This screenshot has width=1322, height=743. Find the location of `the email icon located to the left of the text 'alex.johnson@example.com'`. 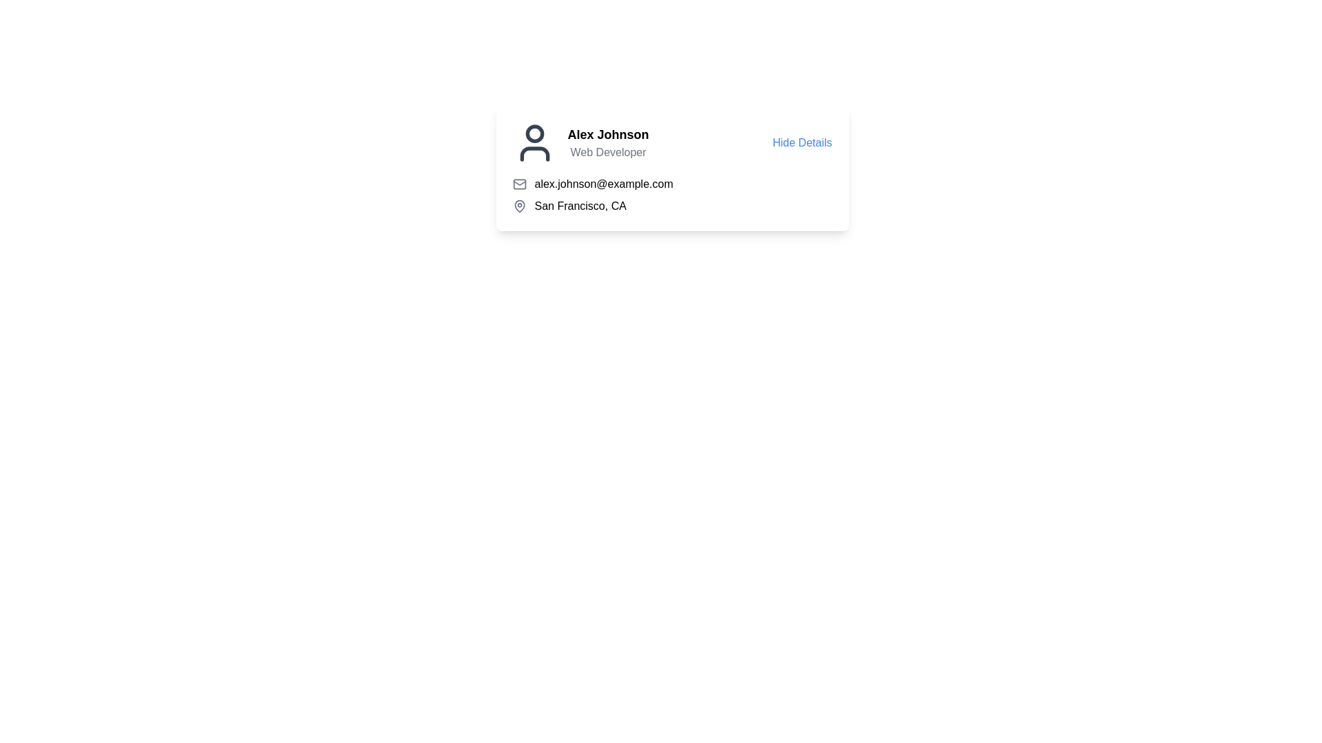

the email icon located to the left of the text 'alex.johnson@example.com' is located at coordinates (518, 182).